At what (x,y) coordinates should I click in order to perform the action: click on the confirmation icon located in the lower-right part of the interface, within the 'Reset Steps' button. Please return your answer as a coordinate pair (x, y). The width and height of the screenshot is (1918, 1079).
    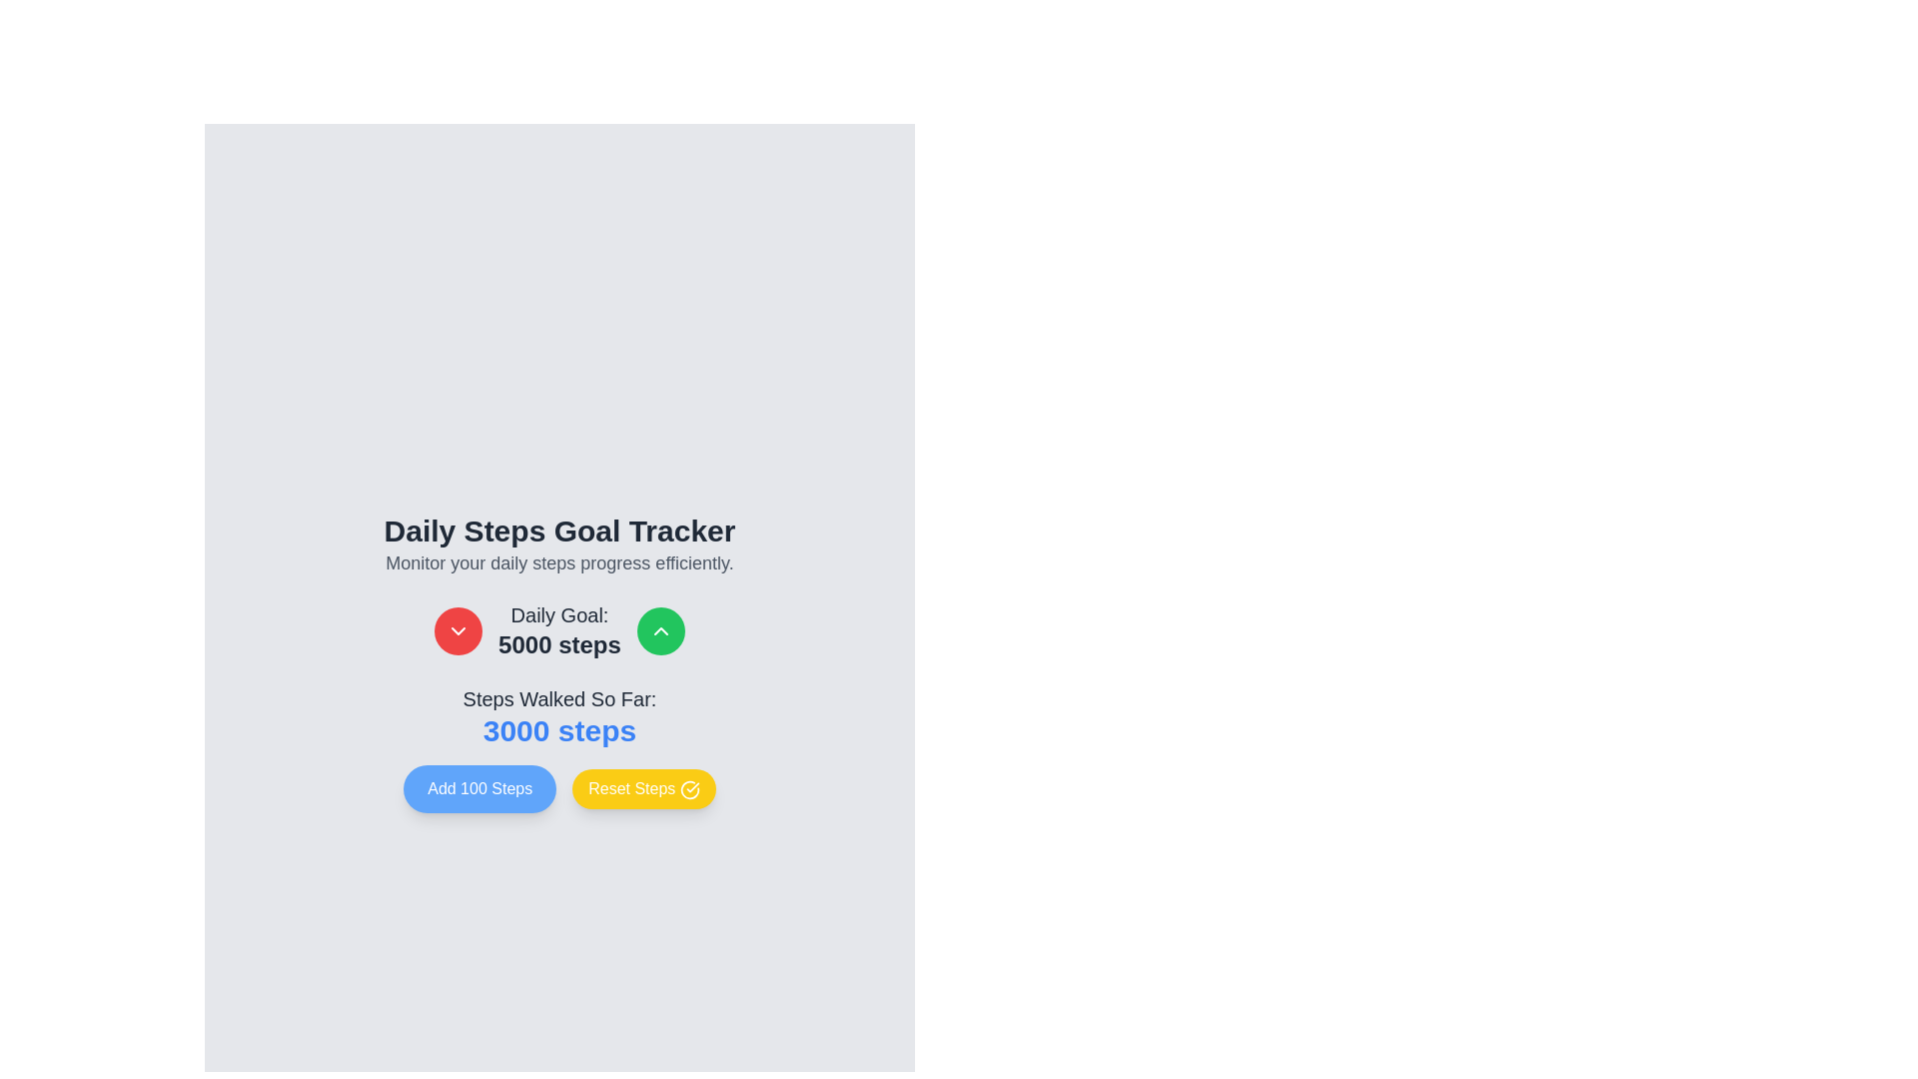
    Looking at the image, I should click on (689, 788).